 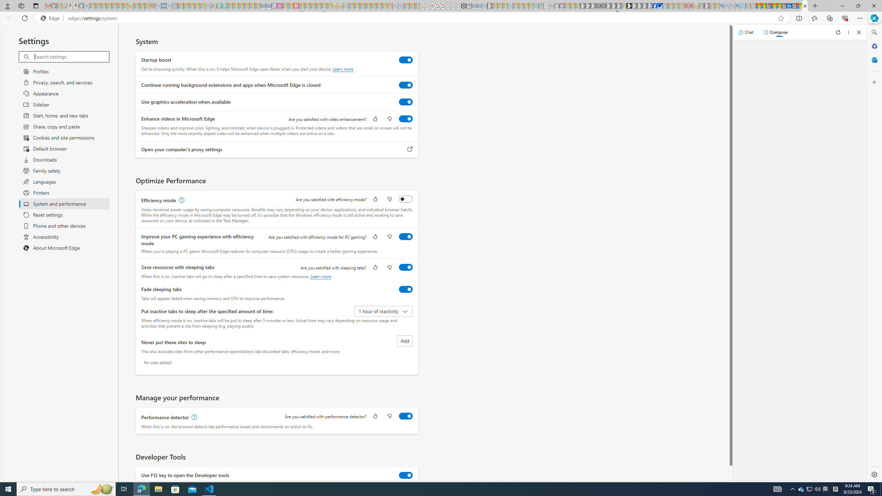 I want to click on 'Edge', so click(x=51, y=18).